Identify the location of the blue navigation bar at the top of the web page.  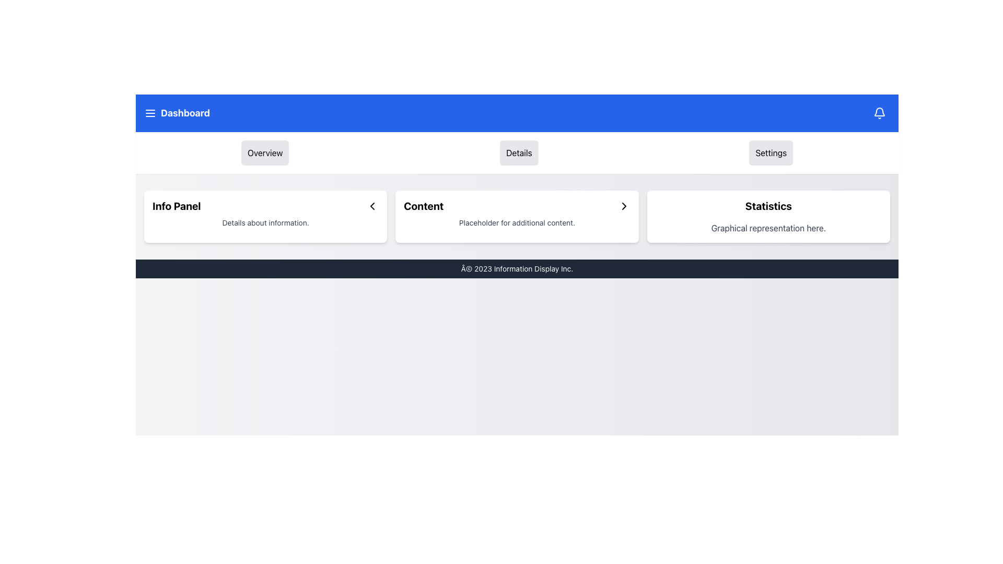
(517, 113).